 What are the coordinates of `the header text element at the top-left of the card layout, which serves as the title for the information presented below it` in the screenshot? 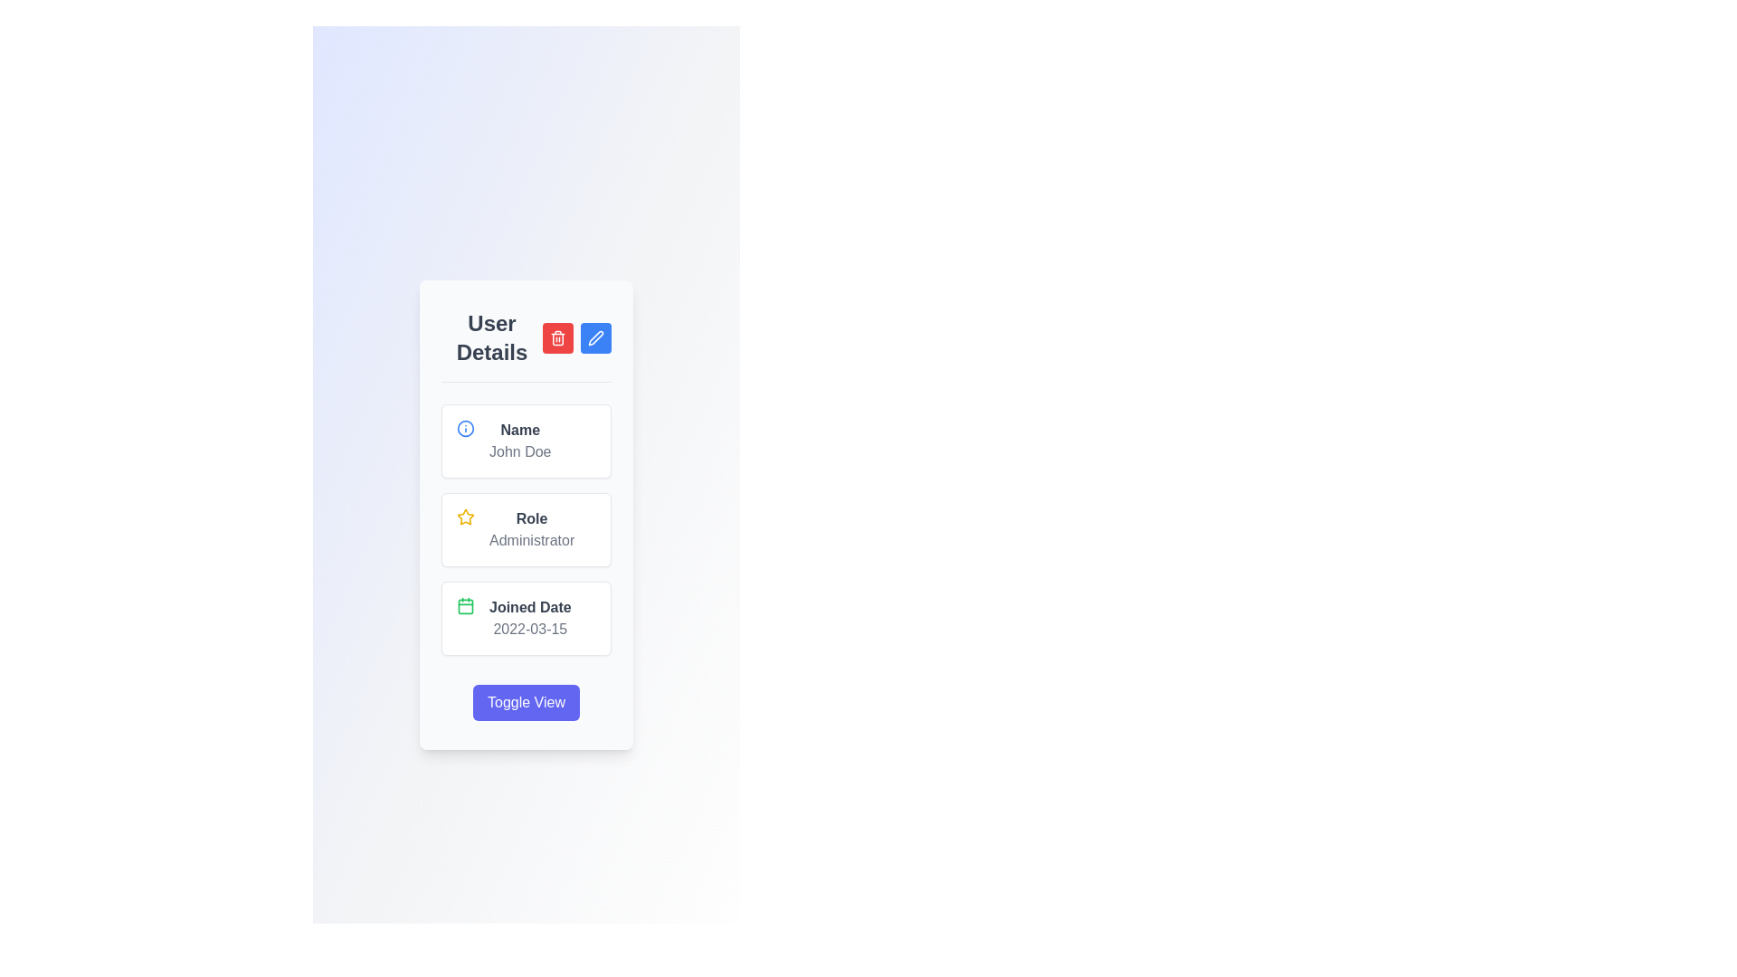 It's located at (491, 337).